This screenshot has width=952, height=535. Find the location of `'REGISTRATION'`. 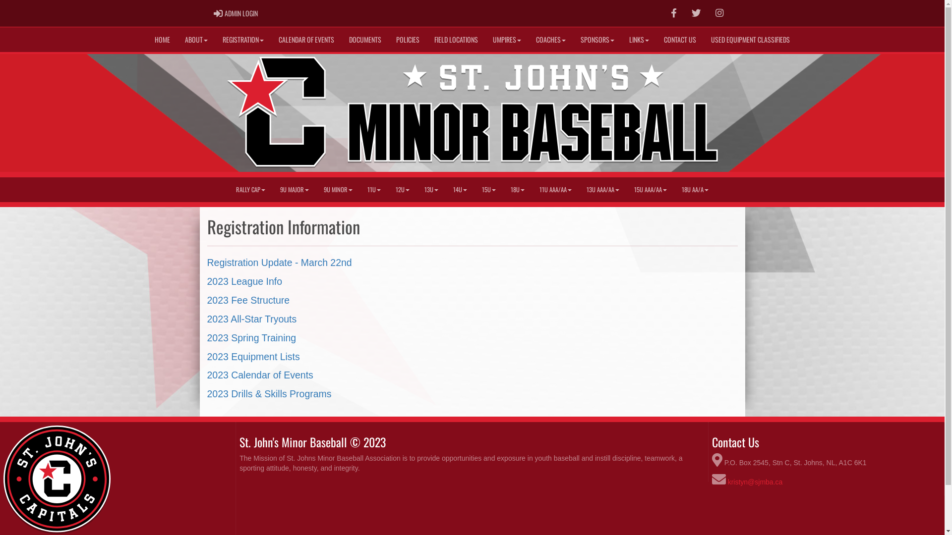

'REGISTRATION' is located at coordinates (243, 39).